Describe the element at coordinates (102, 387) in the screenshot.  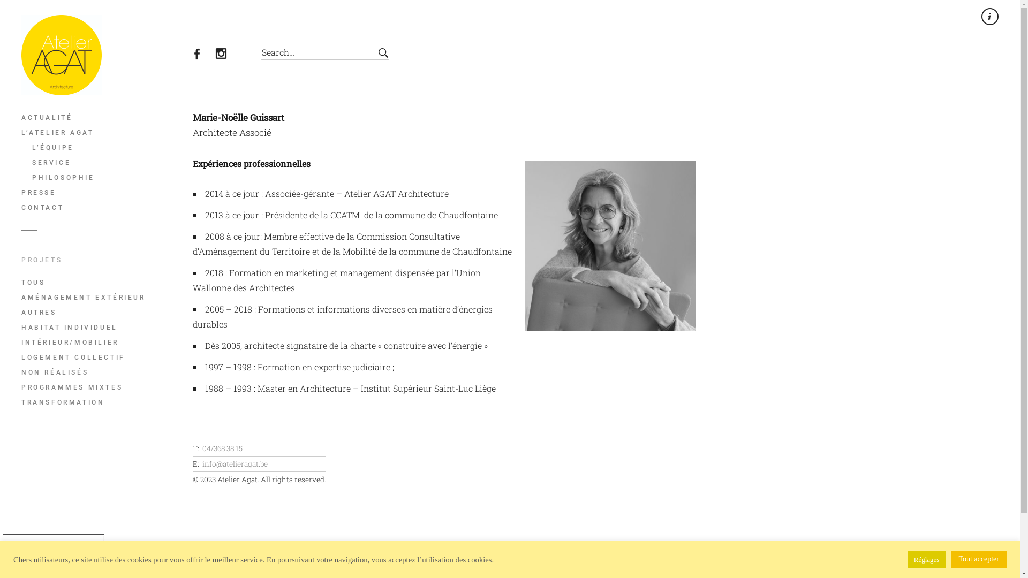
I see `'PROGRAMMES MIXTES'` at that location.